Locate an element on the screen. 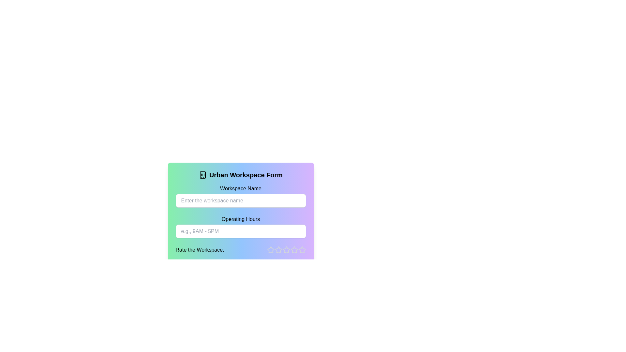 The height and width of the screenshot is (352, 626). the 'Operating Hours' text input field to focus on it is located at coordinates (240, 226).